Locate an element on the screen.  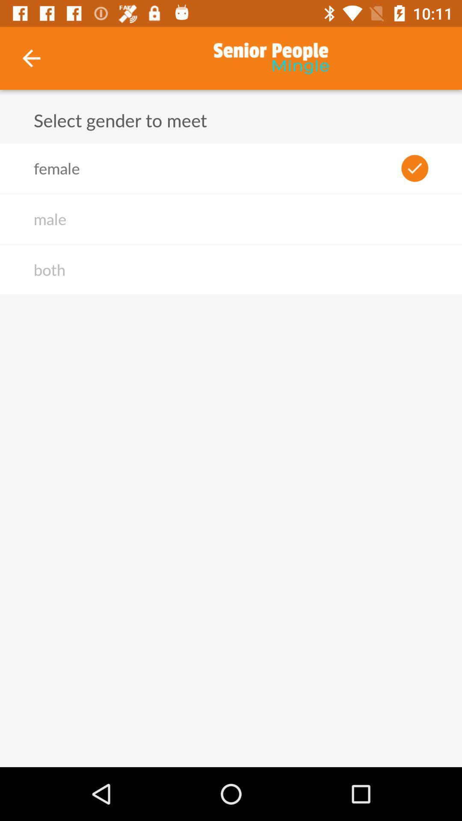
the item above select gender to item is located at coordinates (31, 58).